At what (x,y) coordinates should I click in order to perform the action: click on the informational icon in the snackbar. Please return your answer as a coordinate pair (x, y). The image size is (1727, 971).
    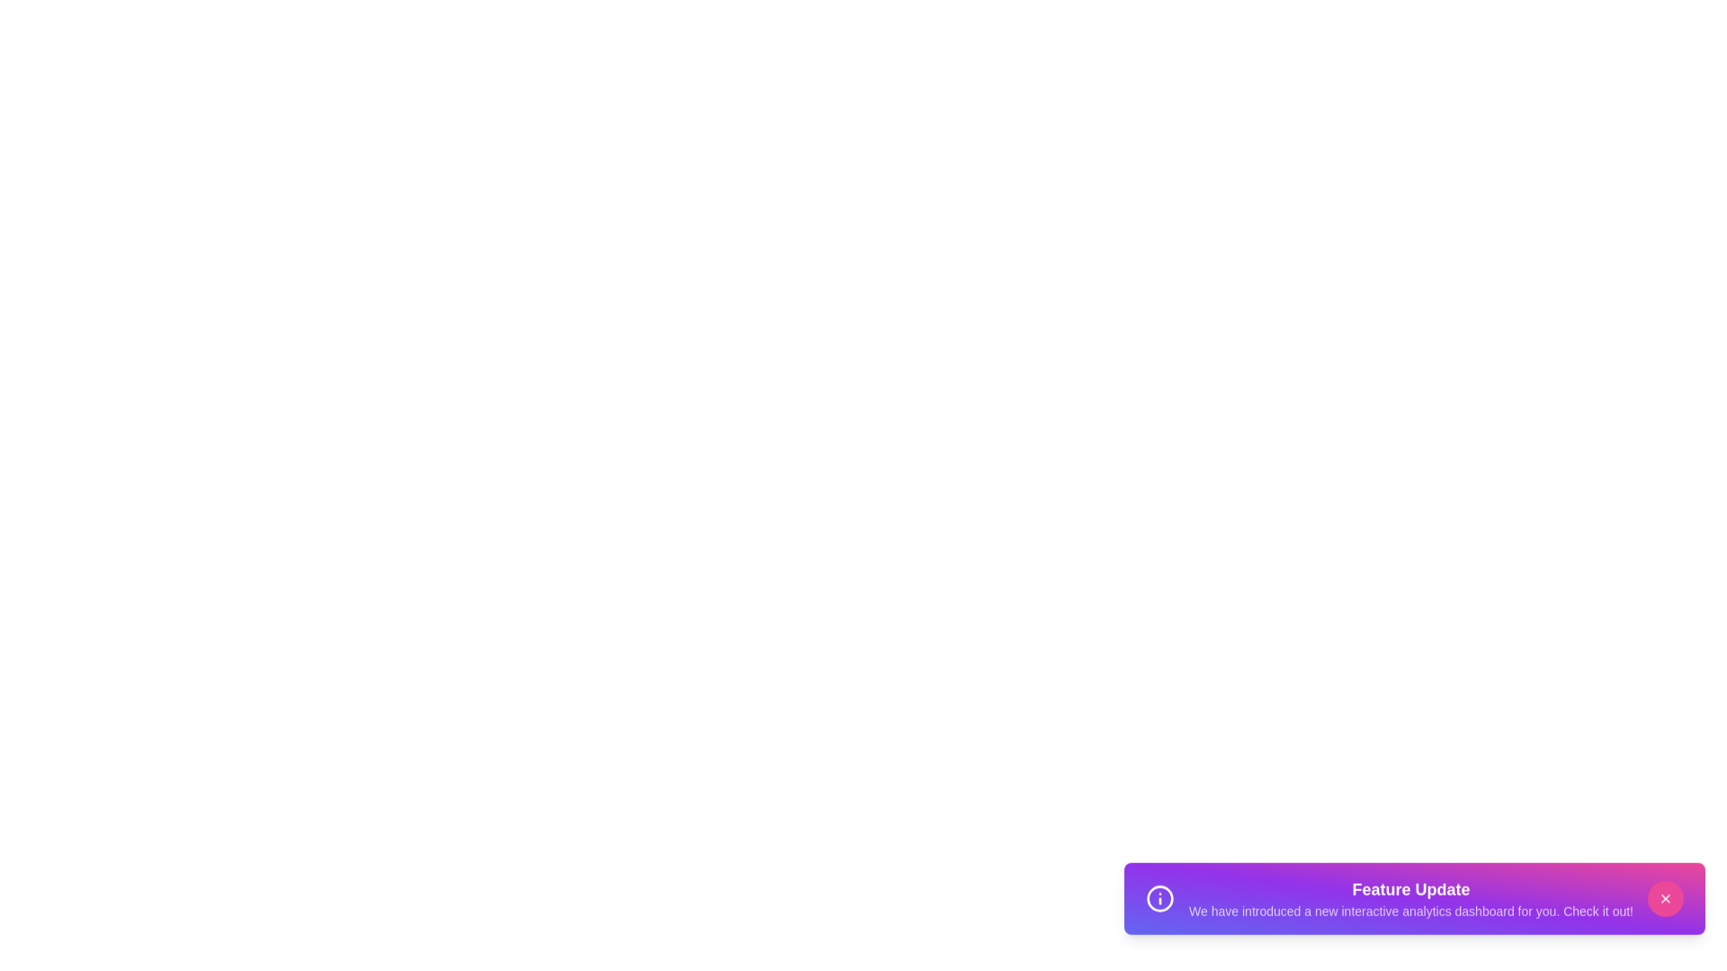
    Looking at the image, I should click on (1160, 907).